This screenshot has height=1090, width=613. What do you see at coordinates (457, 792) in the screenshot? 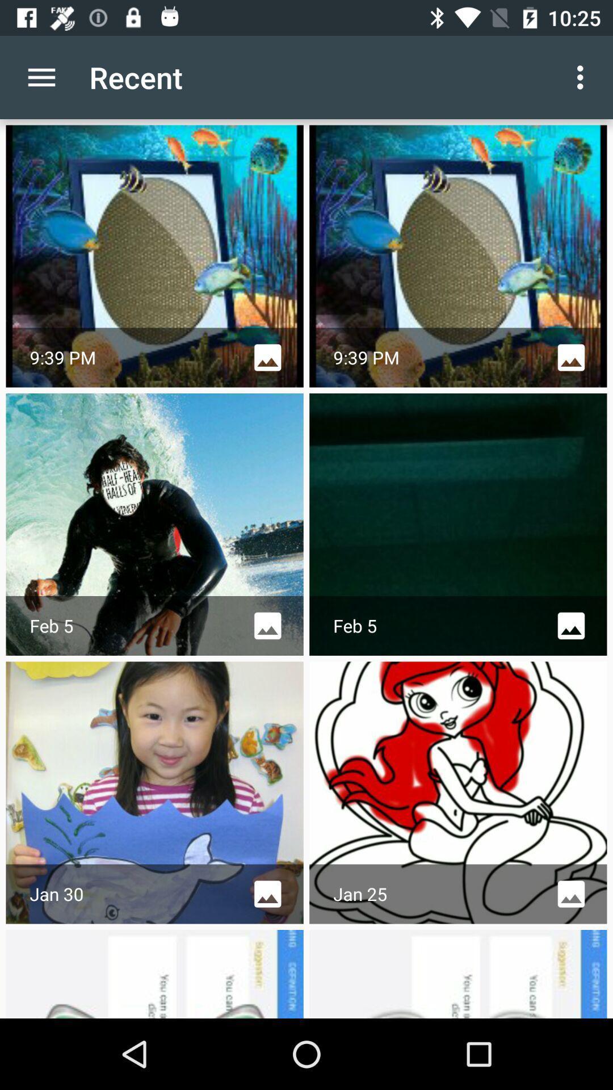
I see `the second image in third row` at bounding box center [457, 792].